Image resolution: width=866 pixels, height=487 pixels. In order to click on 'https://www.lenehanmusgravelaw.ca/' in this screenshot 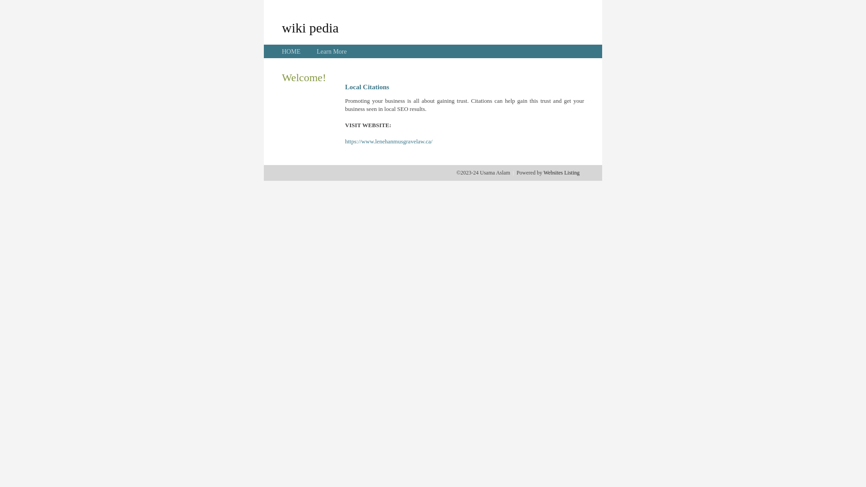, I will do `click(389, 141)`.